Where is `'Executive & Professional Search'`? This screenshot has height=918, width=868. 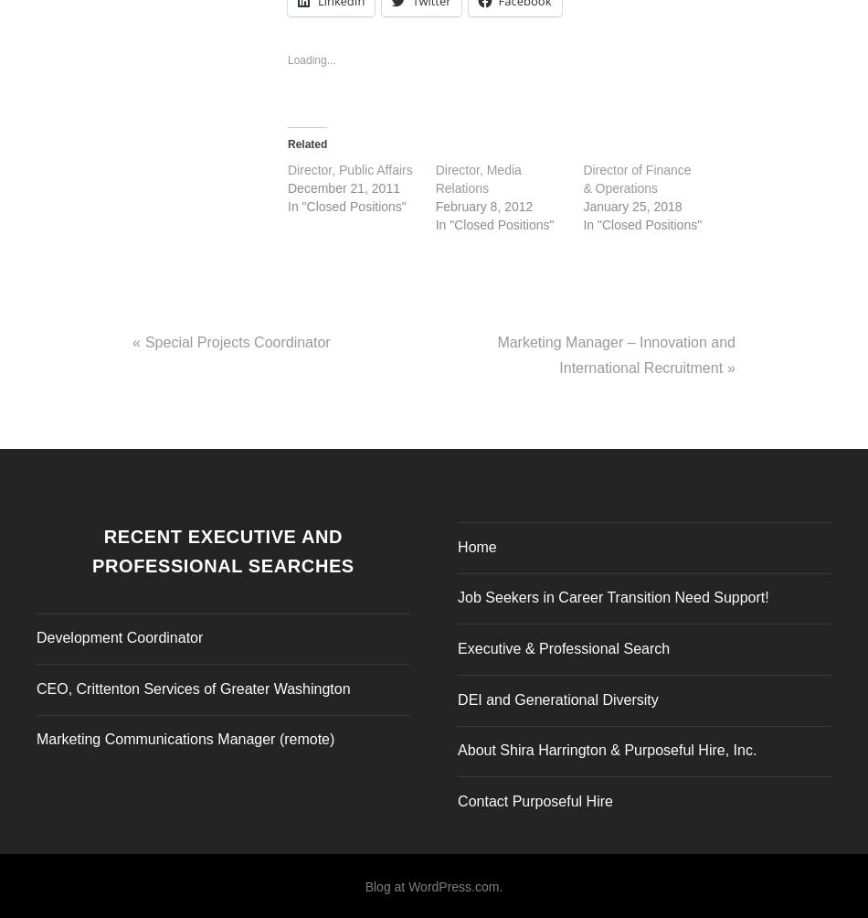 'Executive & Professional Search' is located at coordinates (564, 642).